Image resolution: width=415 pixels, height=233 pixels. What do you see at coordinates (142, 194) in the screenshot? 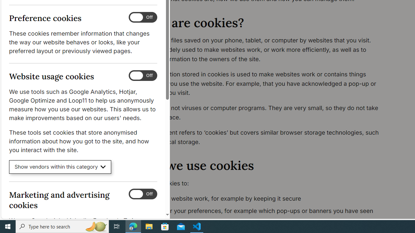
I see `'Marketing and advertising cookies'` at bounding box center [142, 194].